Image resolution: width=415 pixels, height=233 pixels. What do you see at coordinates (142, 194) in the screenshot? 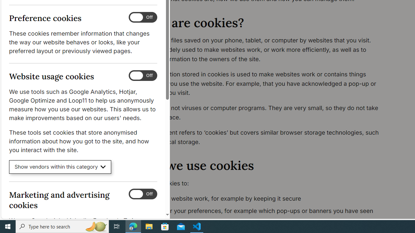
I see `'Marketing and advertising cookies'` at bounding box center [142, 194].